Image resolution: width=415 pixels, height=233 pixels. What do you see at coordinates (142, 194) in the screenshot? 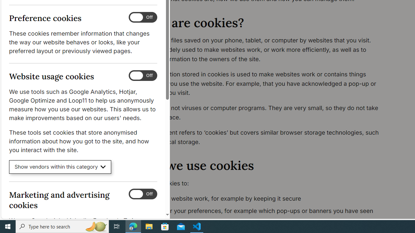
I see `'Marketing and advertising cookies'` at bounding box center [142, 194].